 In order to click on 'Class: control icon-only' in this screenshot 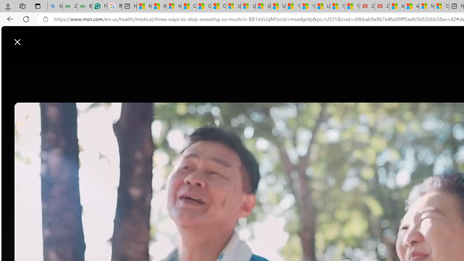, I will do `click(17, 42)`.